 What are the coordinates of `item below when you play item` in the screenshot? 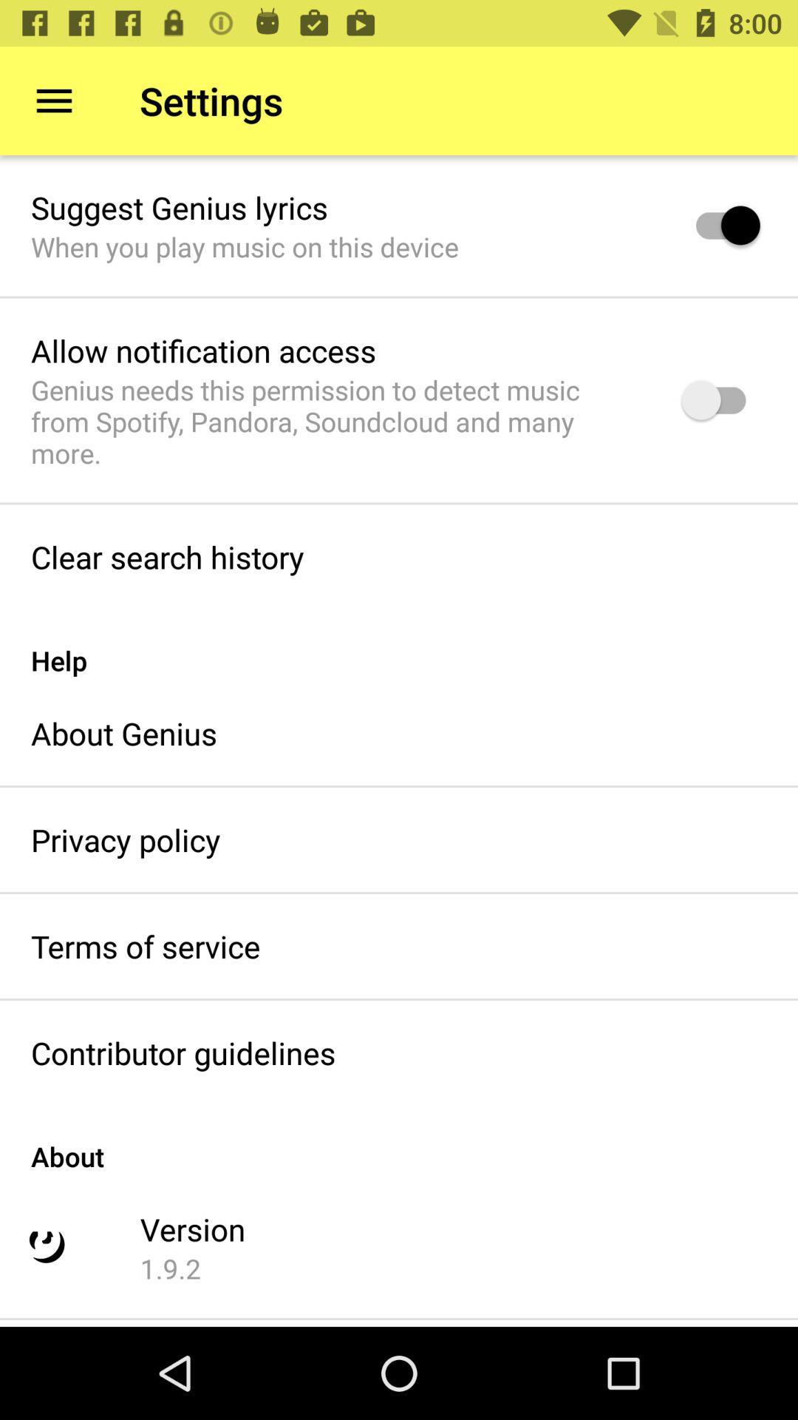 It's located at (203, 350).